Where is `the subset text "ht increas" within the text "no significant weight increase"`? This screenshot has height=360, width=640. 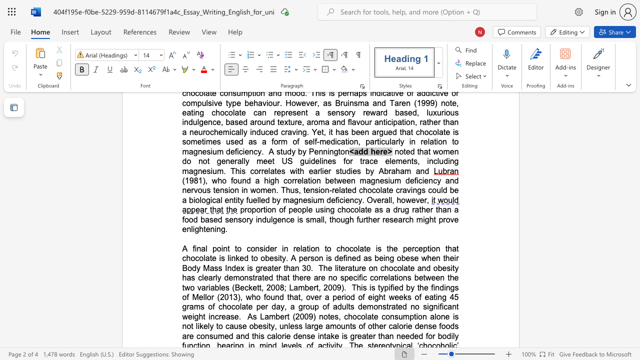
the subset text "ht increas" within the text "no significant weight increase" is located at coordinates (198, 316).